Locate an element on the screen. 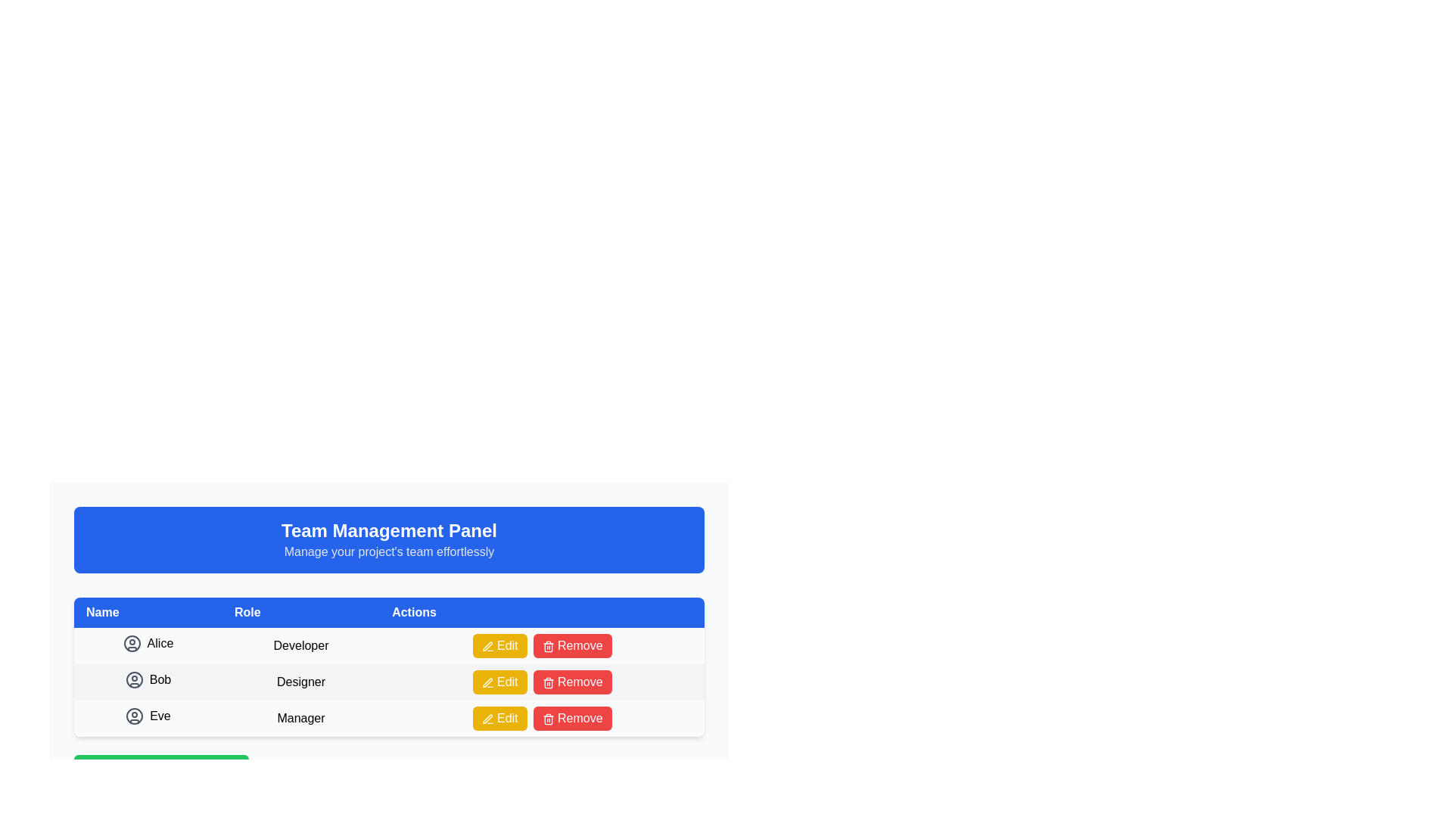 The image size is (1453, 817). the 'Remove' button, which contains a delete icon on the left side of its text, located in the last column of a table row is located at coordinates (547, 718).